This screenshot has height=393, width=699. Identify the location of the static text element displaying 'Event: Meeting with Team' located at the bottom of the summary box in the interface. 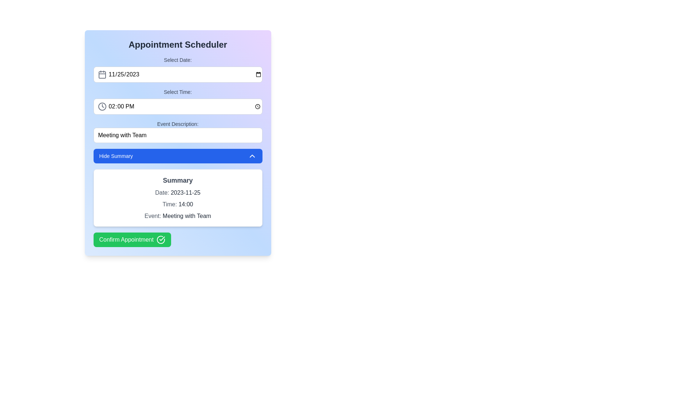
(187, 215).